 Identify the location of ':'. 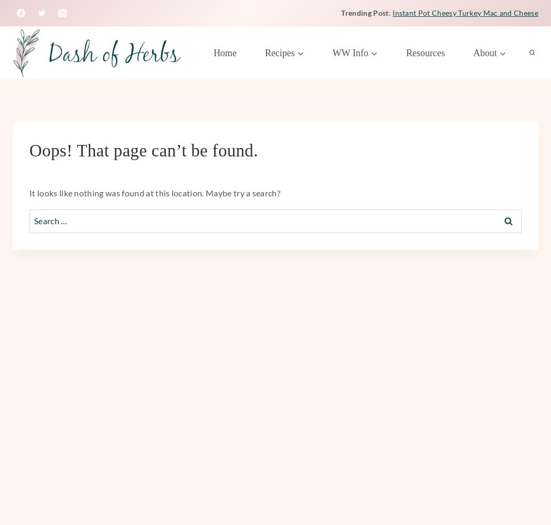
(390, 12).